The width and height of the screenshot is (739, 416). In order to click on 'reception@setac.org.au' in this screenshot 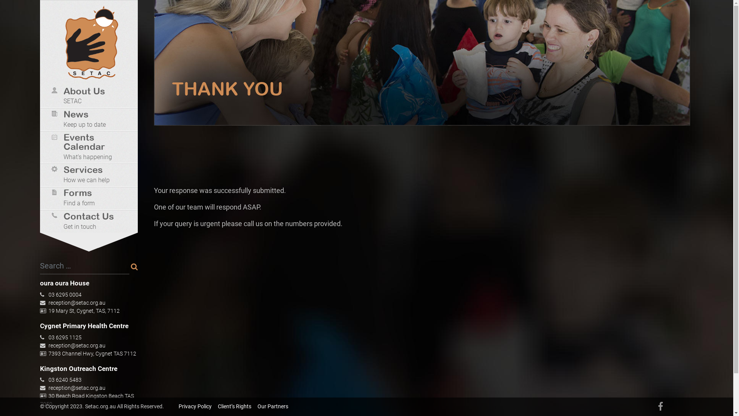, I will do `click(77, 302)`.